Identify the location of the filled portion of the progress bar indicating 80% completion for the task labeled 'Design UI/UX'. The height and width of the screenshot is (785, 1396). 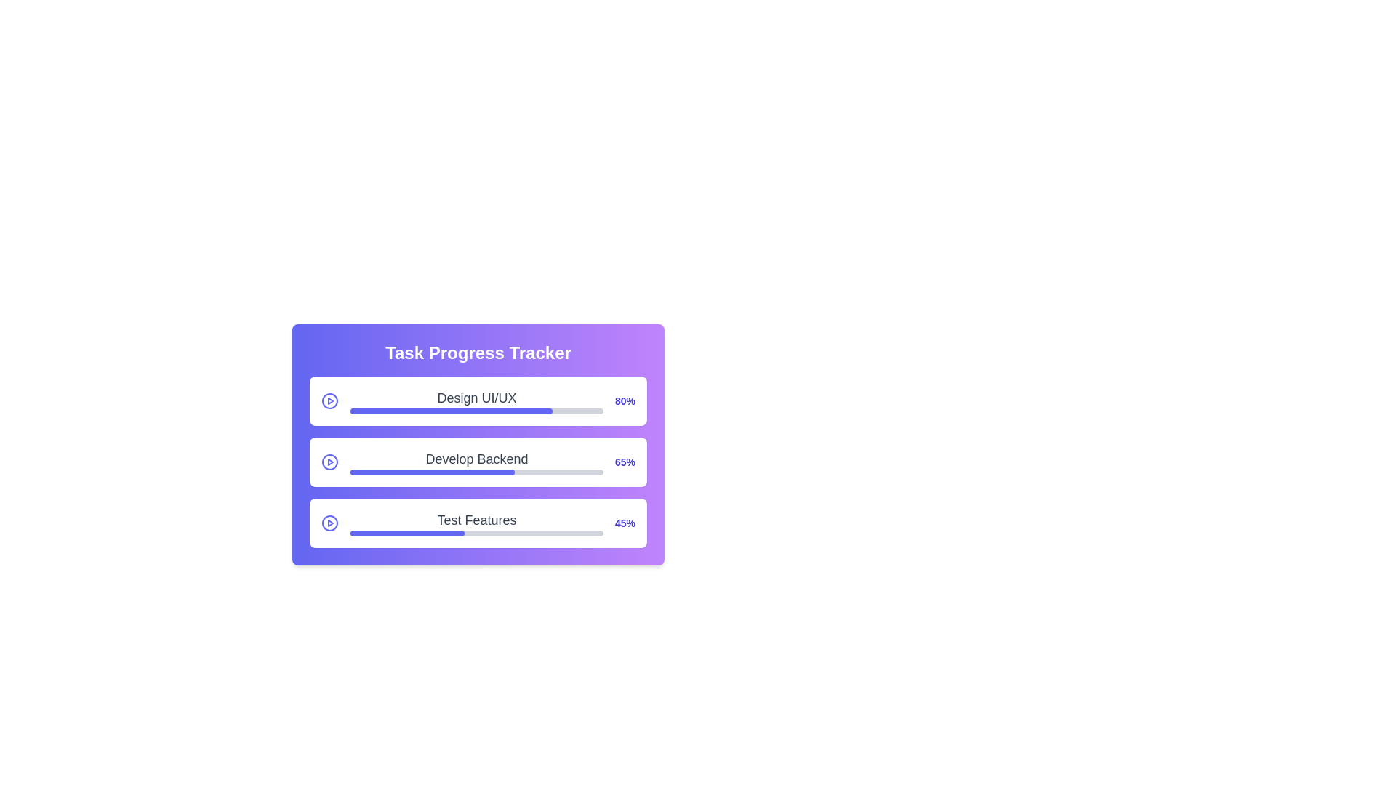
(451, 411).